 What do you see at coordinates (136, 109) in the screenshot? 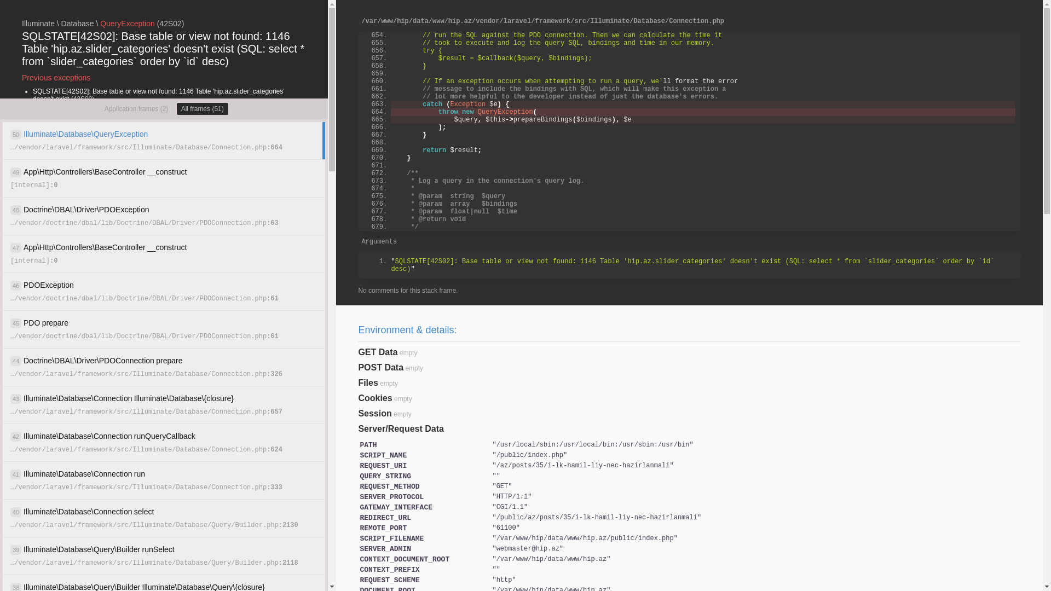
I see `'Application frames (2)'` at bounding box center [136, 109].